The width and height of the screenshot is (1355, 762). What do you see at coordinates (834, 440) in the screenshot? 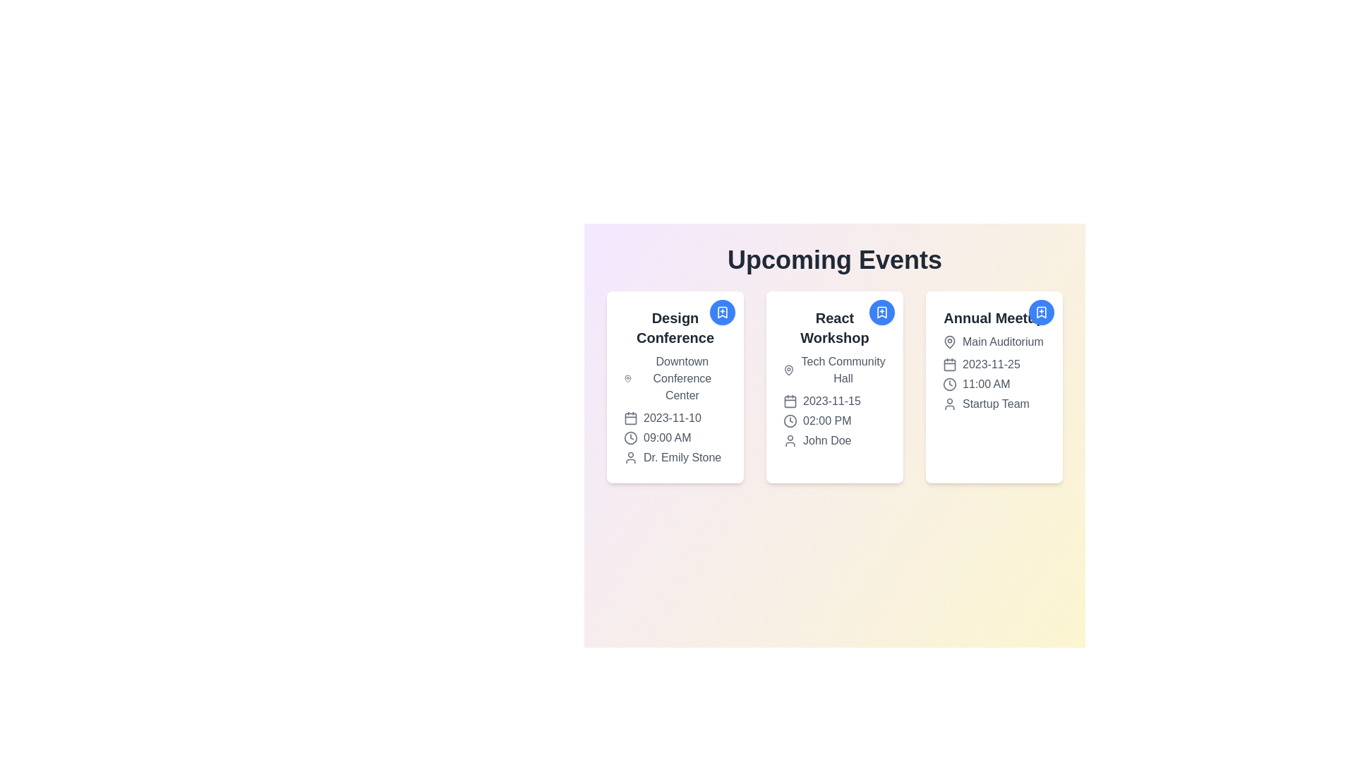
I see `the label displaying the name of the person associated with the 'React Workshop' event, located in the third row of the second card under the 'Upcoming Events' section, beneath '02:00 PM'` at bounding box center [834, 440].